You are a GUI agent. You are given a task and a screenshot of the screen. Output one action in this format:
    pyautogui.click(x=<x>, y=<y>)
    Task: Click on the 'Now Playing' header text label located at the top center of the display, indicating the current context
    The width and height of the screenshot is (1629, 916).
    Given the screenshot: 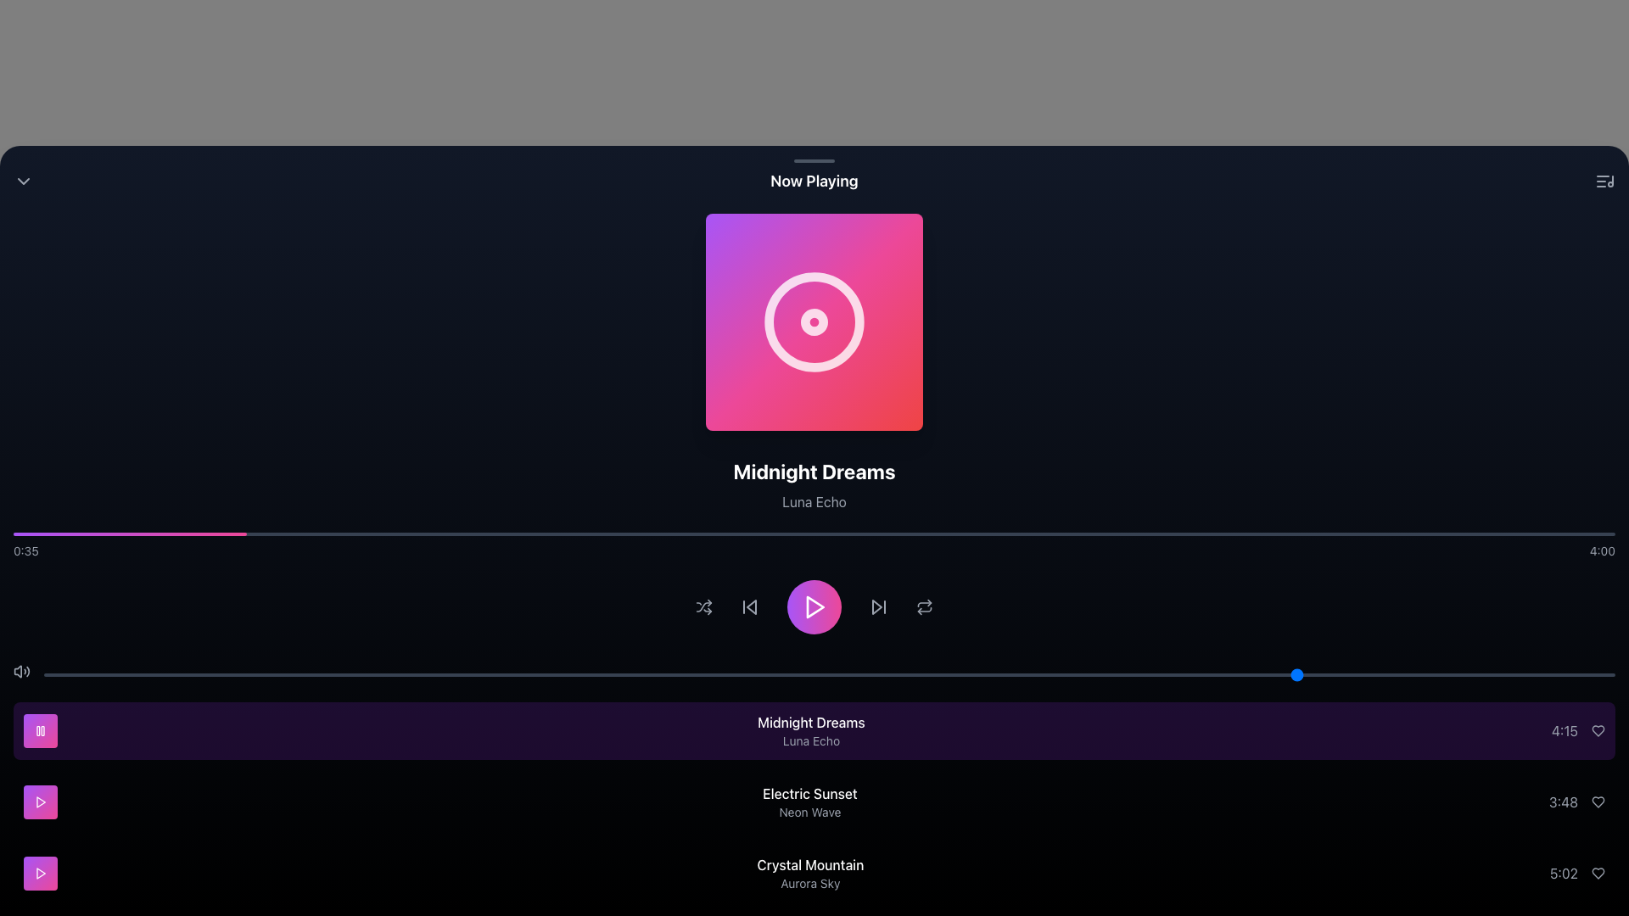 What is the action you would take?
    pyautogui.click(x=814, y=181)
    